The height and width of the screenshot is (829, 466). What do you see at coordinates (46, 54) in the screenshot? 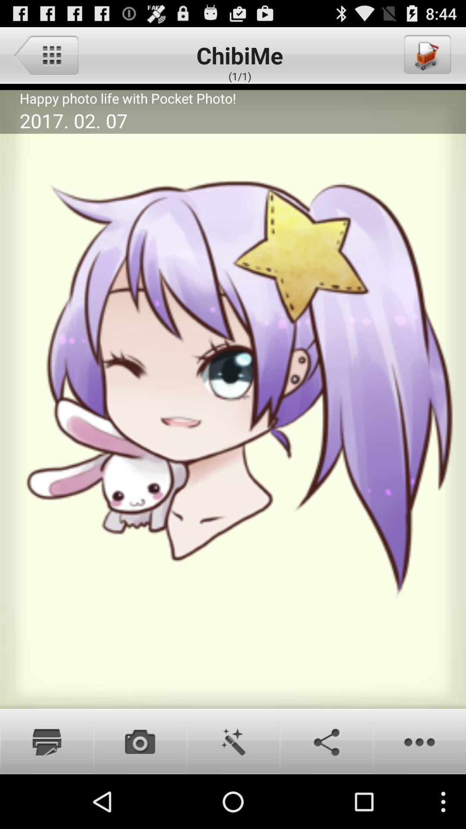
I see `parameter button` at bounding box center [46, 54].